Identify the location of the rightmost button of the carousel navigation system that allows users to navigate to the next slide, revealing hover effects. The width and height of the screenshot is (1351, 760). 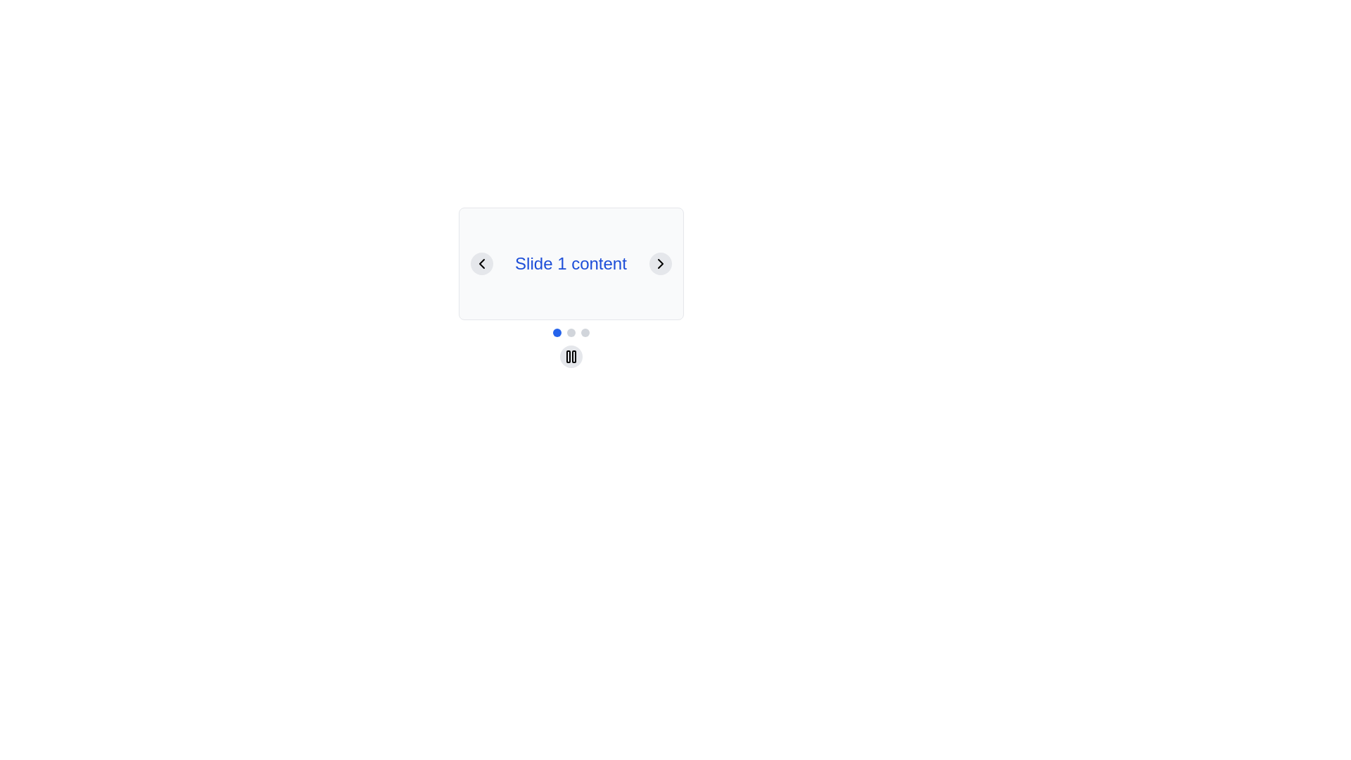
(659, 263).